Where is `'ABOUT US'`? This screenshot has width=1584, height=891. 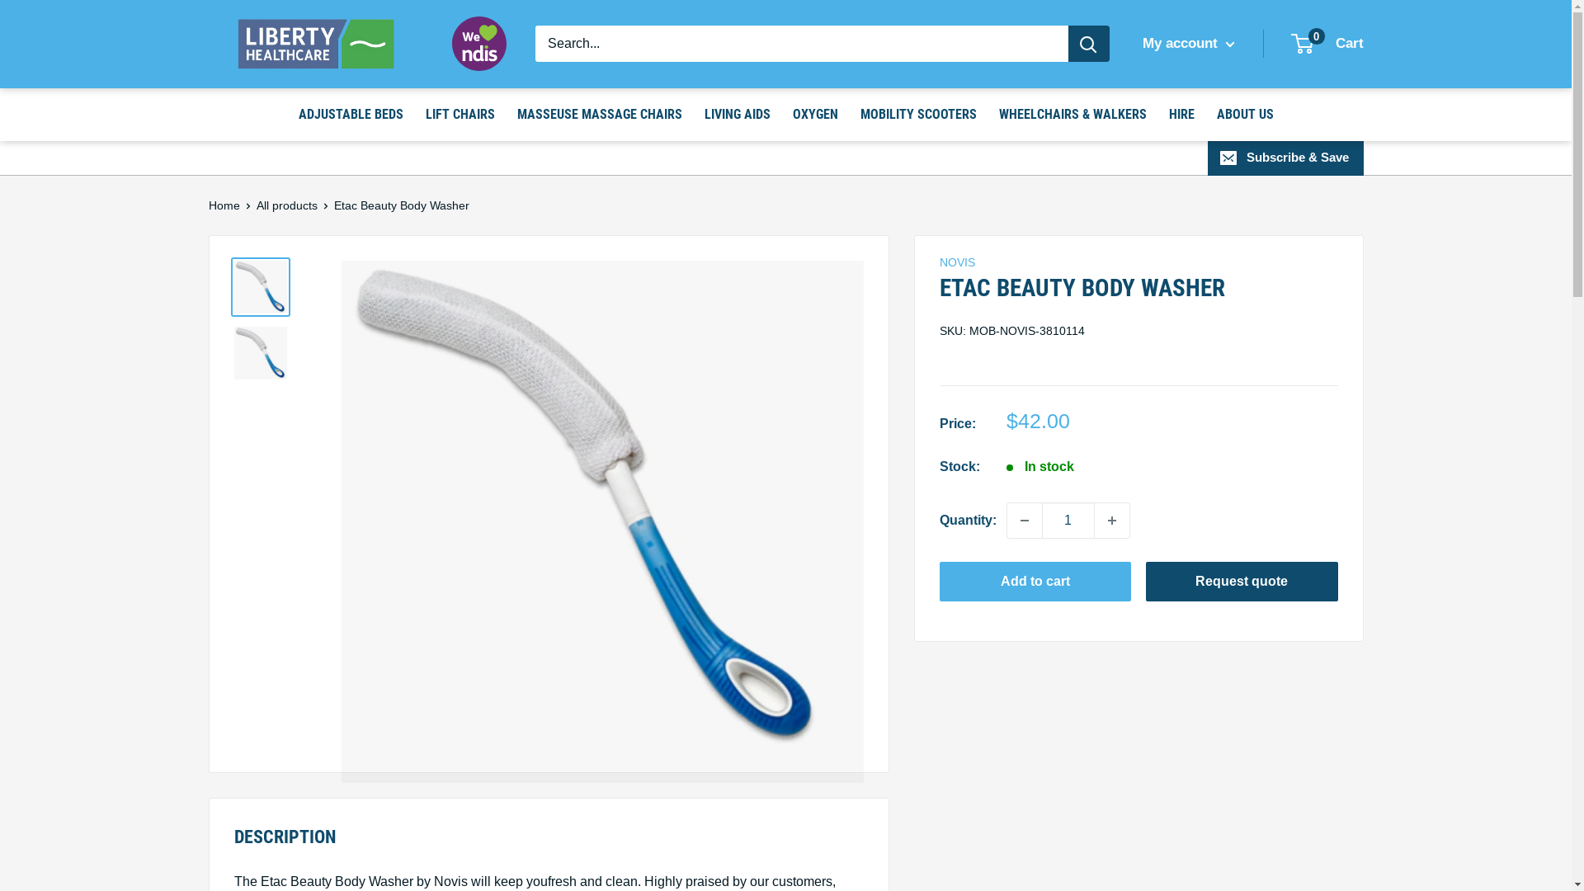 'ABOUT US' is located at coordinates (1244, 113).